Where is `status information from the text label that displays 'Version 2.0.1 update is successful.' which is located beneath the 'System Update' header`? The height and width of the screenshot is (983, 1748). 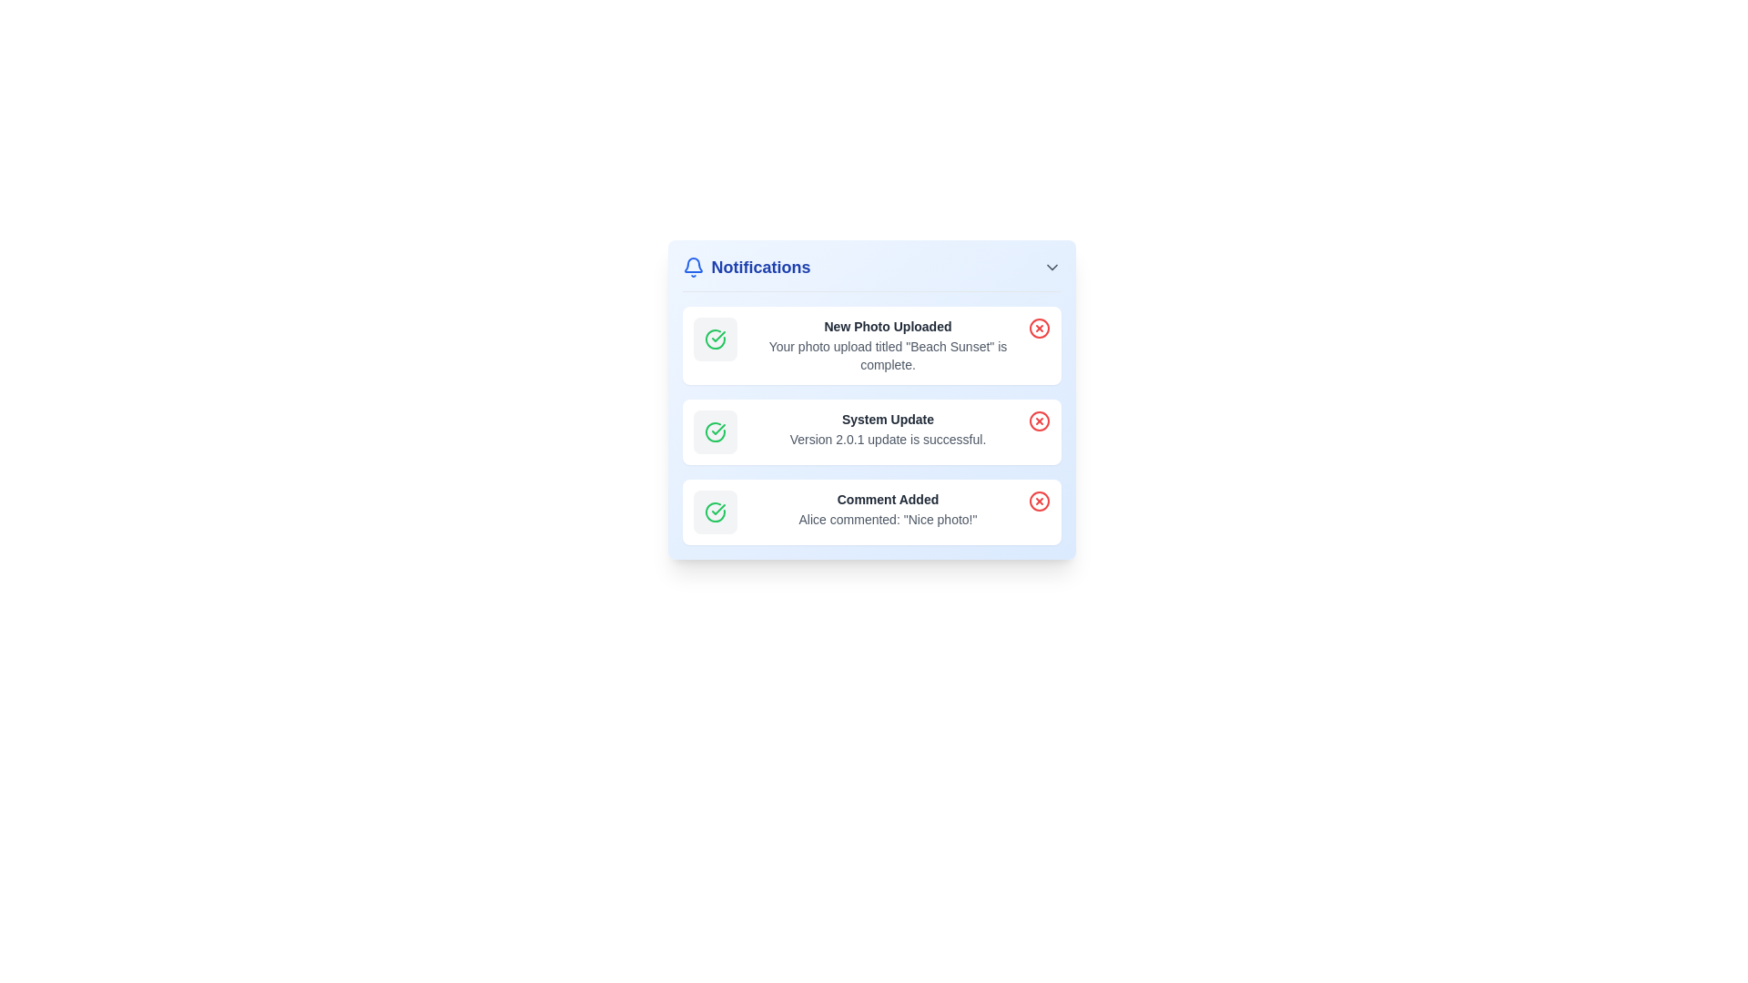
status information from the text label that displays 'Version 2.0.1 update is successful.' which is located beneath the 'System Update' header is located at coordinates (888, 439).